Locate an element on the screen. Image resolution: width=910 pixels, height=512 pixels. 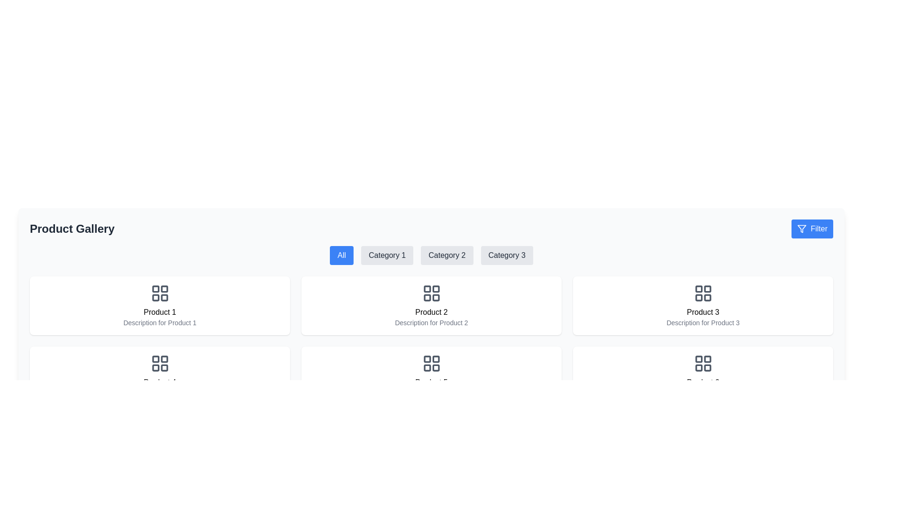
the third square in the two-by-two grid structure of the Decorative graphic element located at the lower-right position of the icon above the label 'Product 4' is located at coordinates (707, 367).